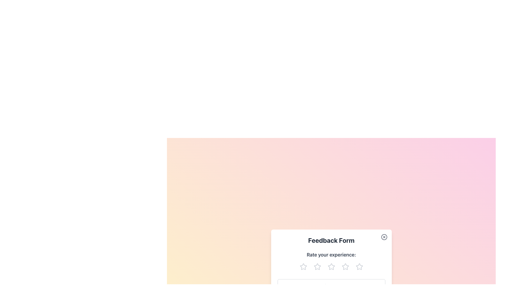 The width and height of the screenshot is (517, 291). What do you see at coordinates (303, 267) in the screenshot?
I see `the first star-shaped icon in the rating system, which is located below the text 'Rate your experience:' in the feedback form` at bounding box center [303, 267].